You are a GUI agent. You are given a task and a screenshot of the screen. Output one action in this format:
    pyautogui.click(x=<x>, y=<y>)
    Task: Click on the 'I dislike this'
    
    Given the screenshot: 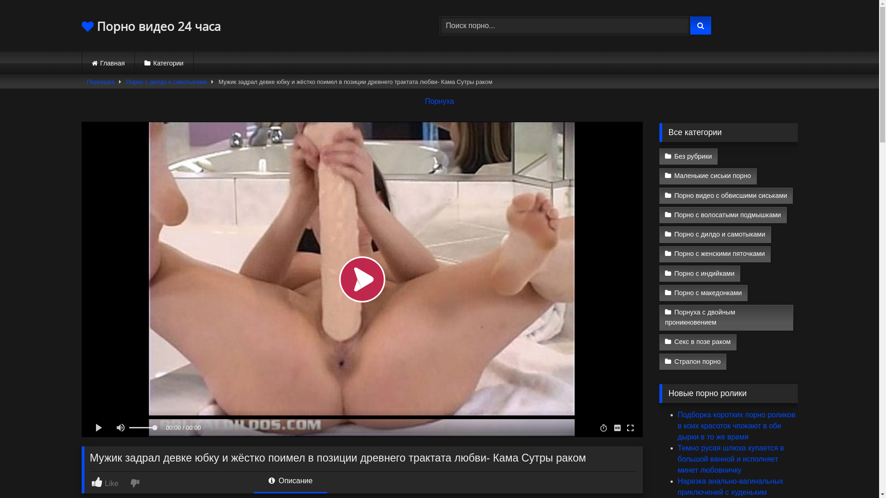 What is the action you would take?
    pyautogui.click(x=135, y=482)
    